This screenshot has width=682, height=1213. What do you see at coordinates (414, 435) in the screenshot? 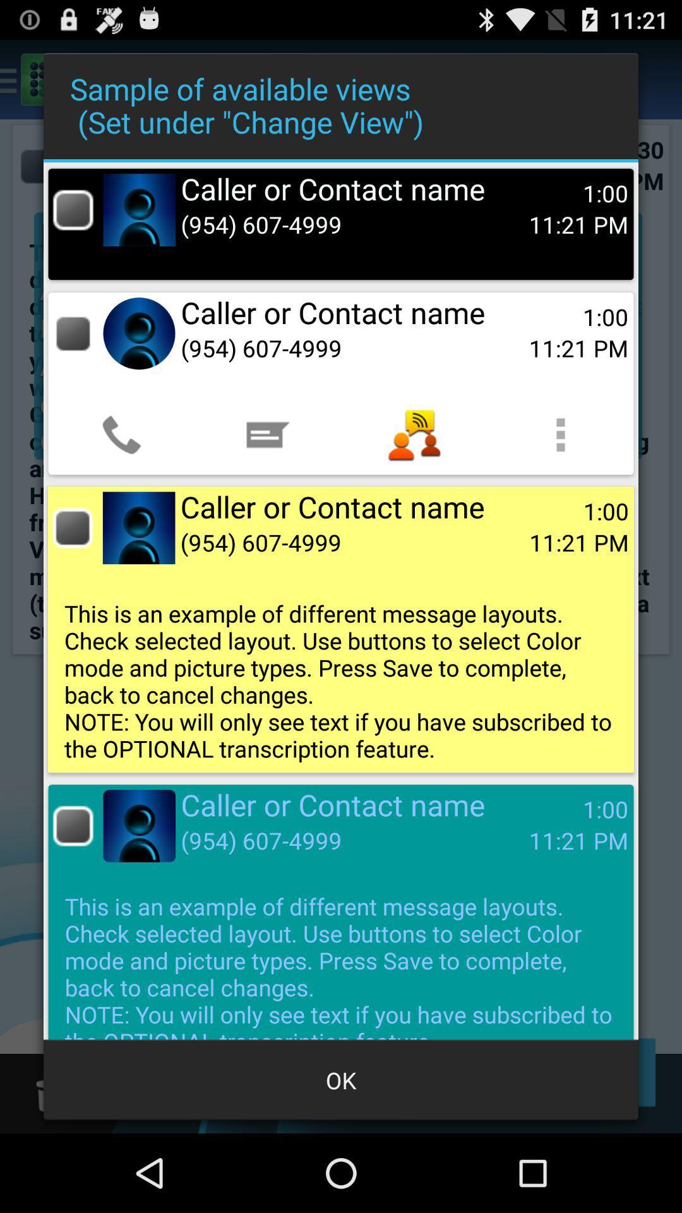
I see `app above the caller or contact app` at bounding box center [414, 435].